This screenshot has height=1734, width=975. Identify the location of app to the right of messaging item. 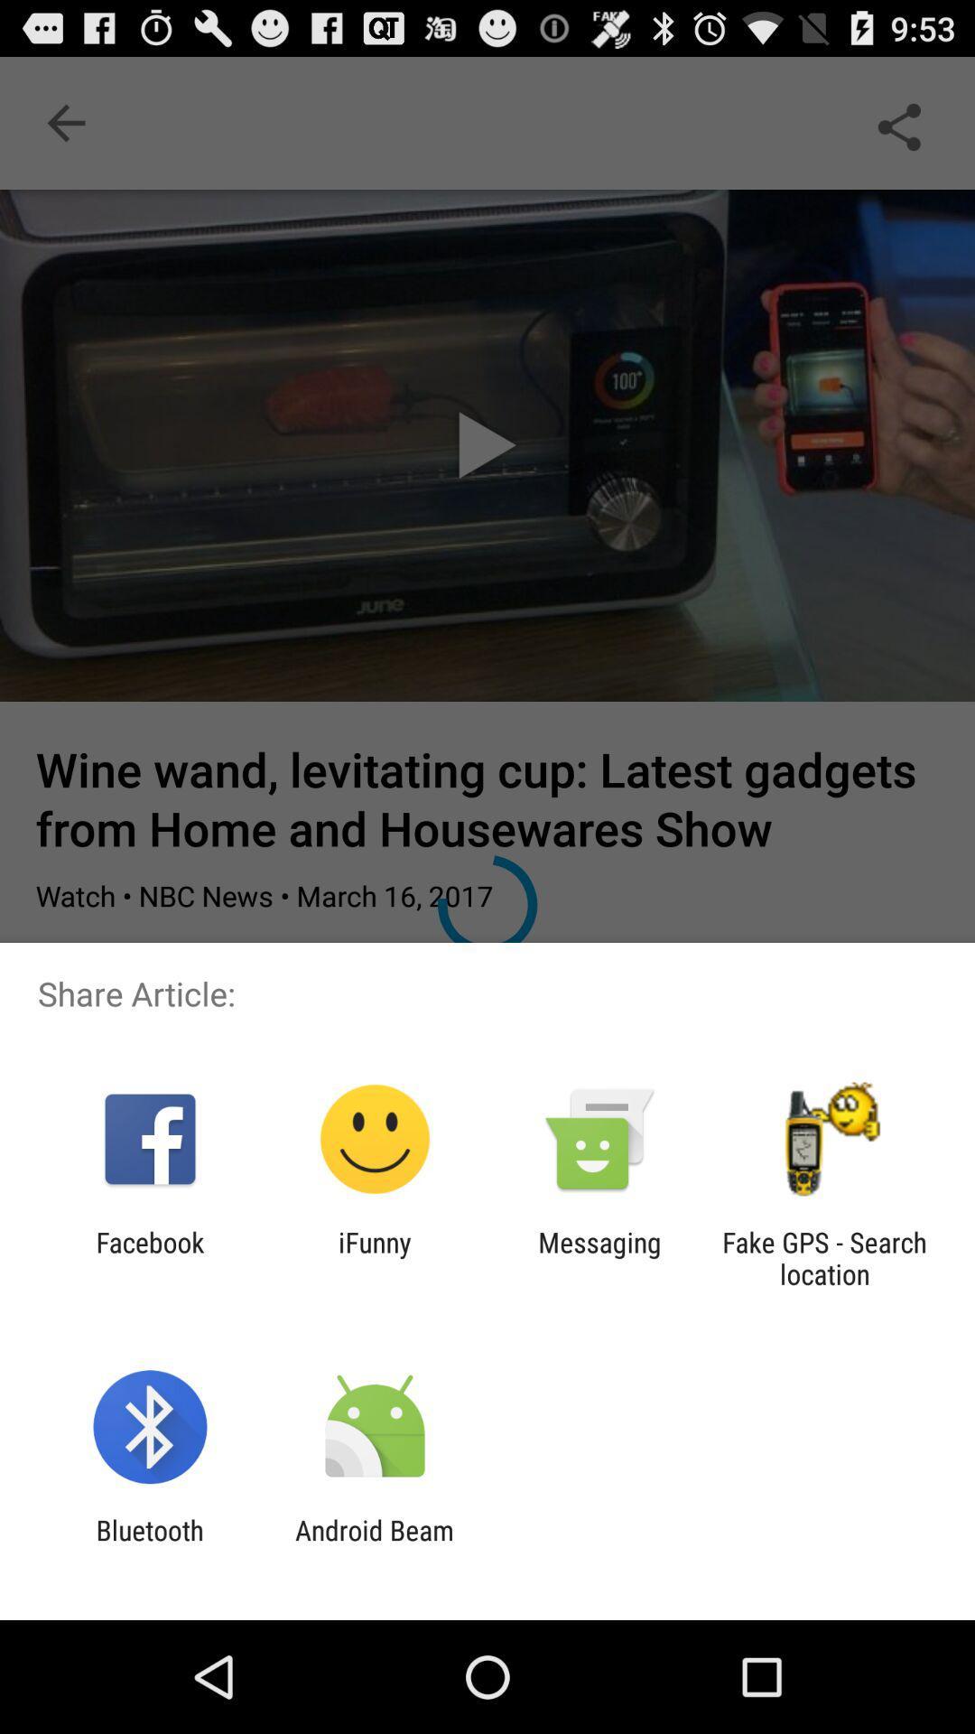
(824, 1257).